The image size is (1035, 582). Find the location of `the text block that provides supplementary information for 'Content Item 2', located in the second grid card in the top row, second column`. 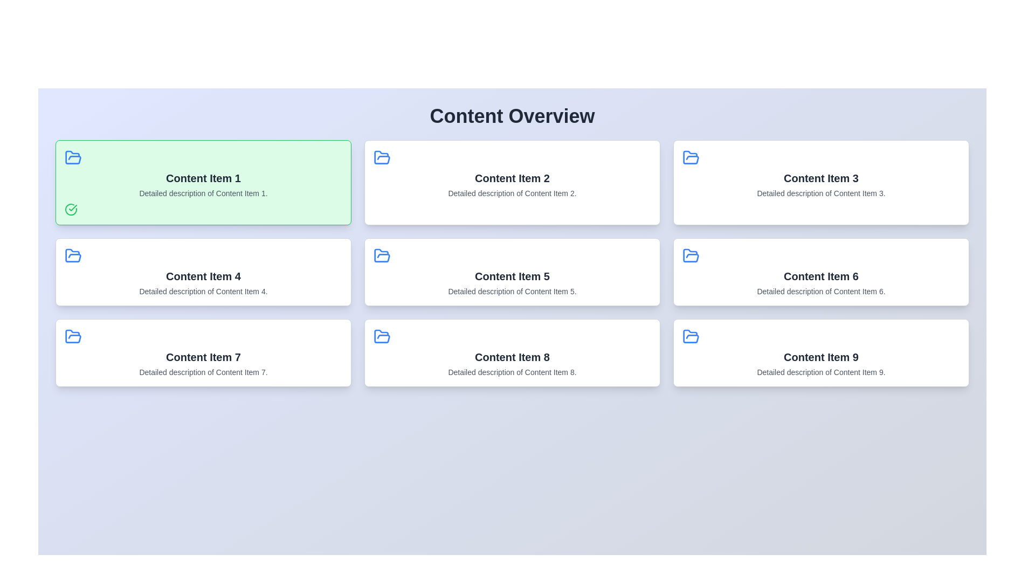

the text block that provides supplementary information for 'Content Item 2', located in the second grid card in the top row, second column is located at coordinates (512, 192).